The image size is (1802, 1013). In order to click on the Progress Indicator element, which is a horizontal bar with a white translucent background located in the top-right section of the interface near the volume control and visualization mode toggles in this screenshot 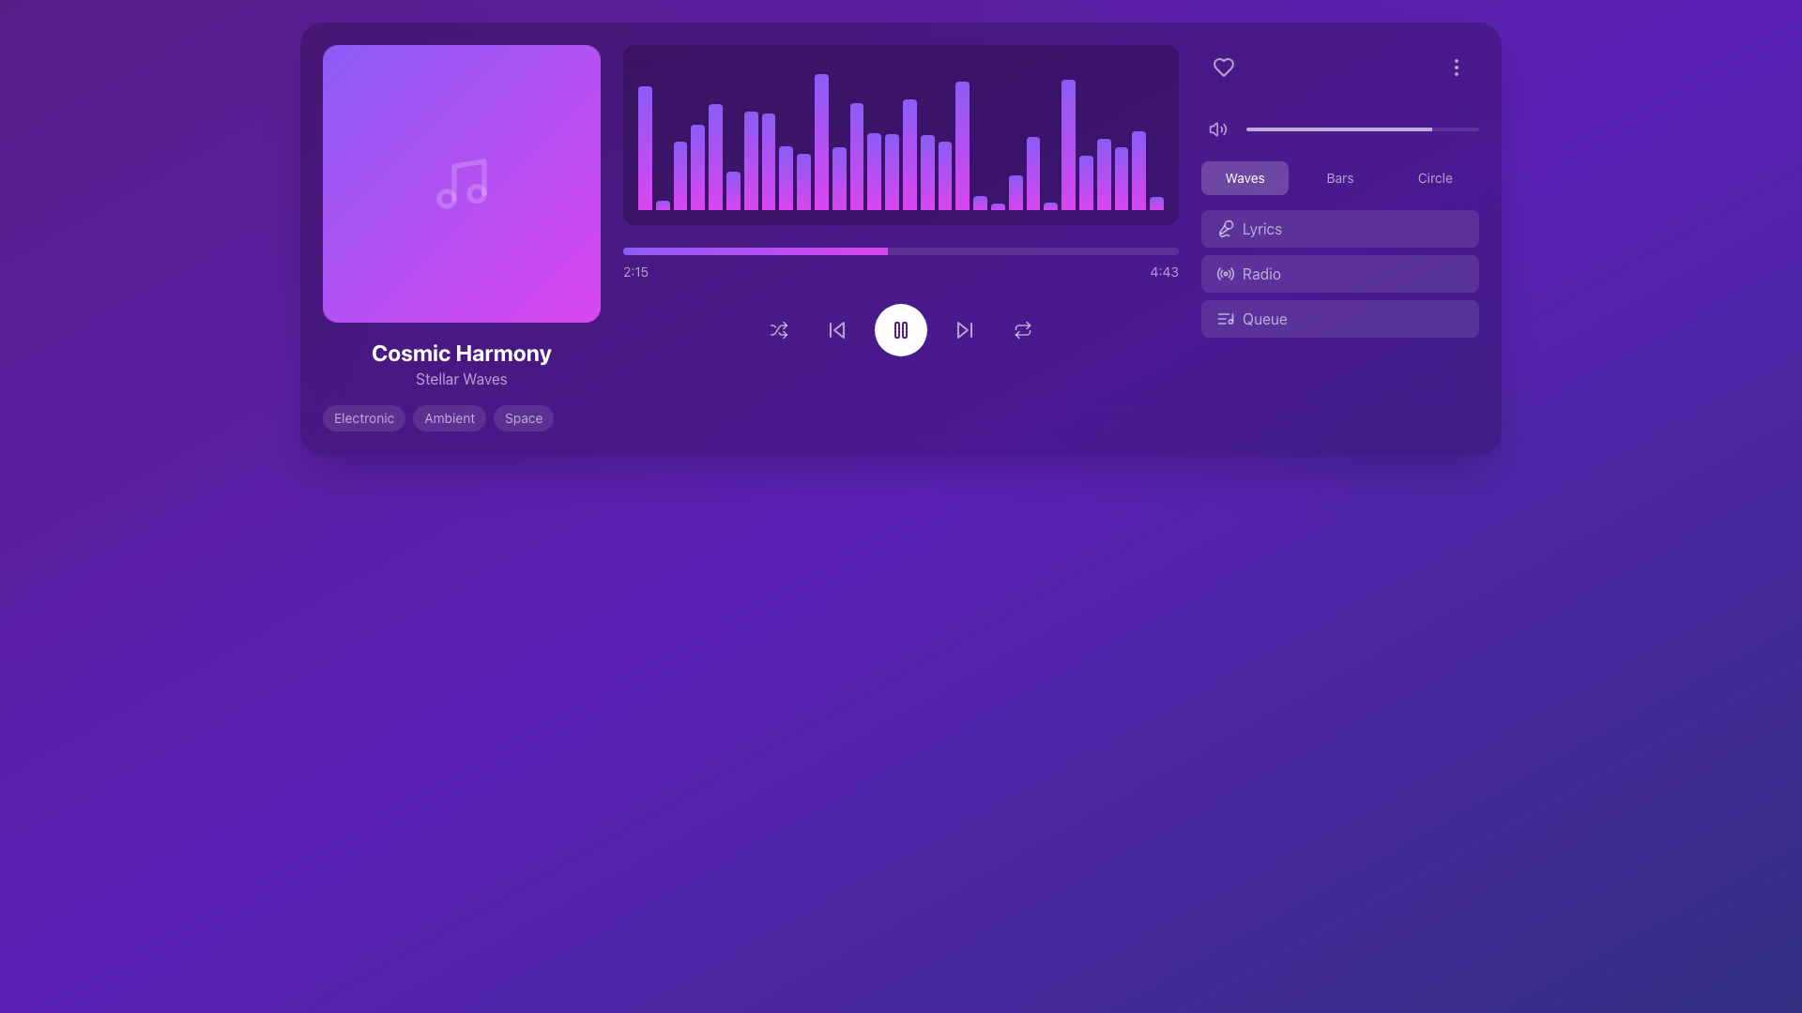, I will do `click(1338, 129)`.